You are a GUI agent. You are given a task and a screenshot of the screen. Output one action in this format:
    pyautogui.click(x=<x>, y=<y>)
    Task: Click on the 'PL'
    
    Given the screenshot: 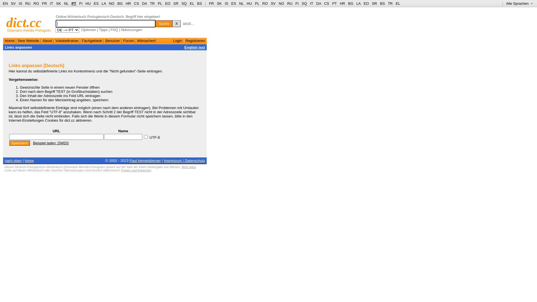 What is the action you would take?
    pyautogui.click(x=159, y=3)
    